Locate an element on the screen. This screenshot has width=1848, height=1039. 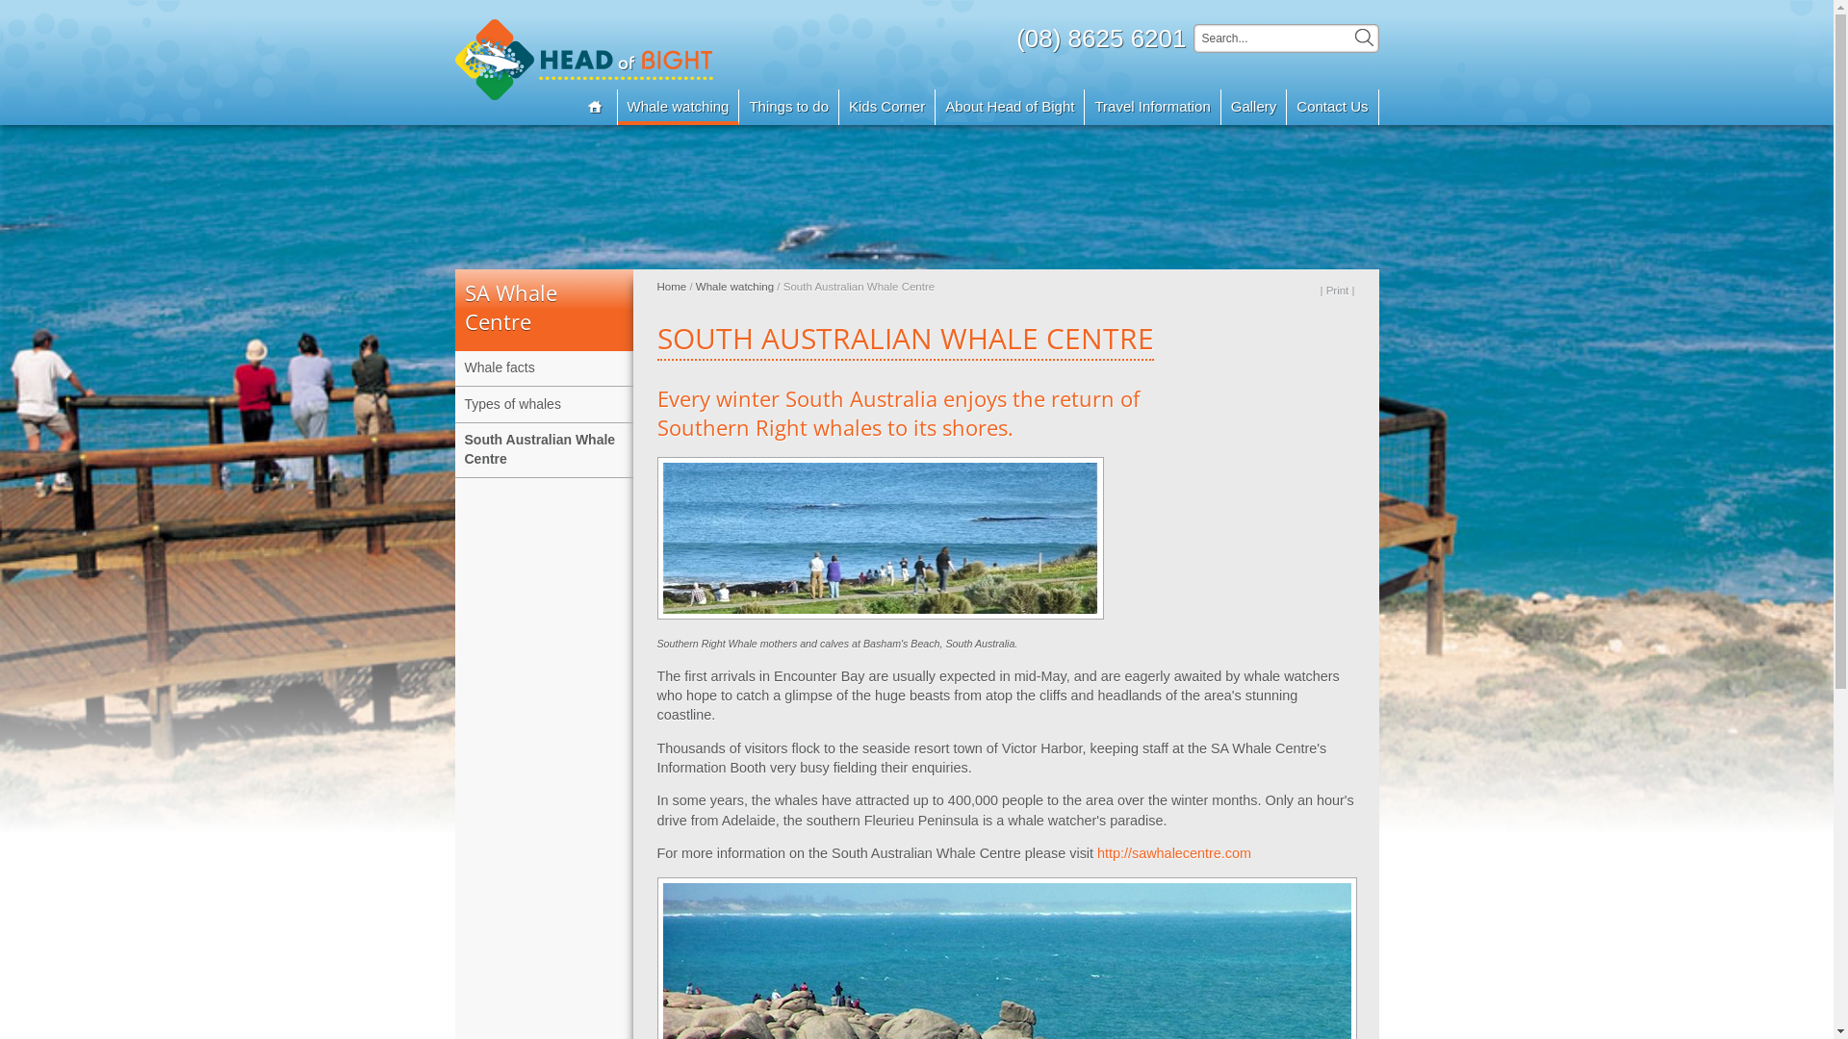
'Whale watching' is located at coordinates (733, 286).